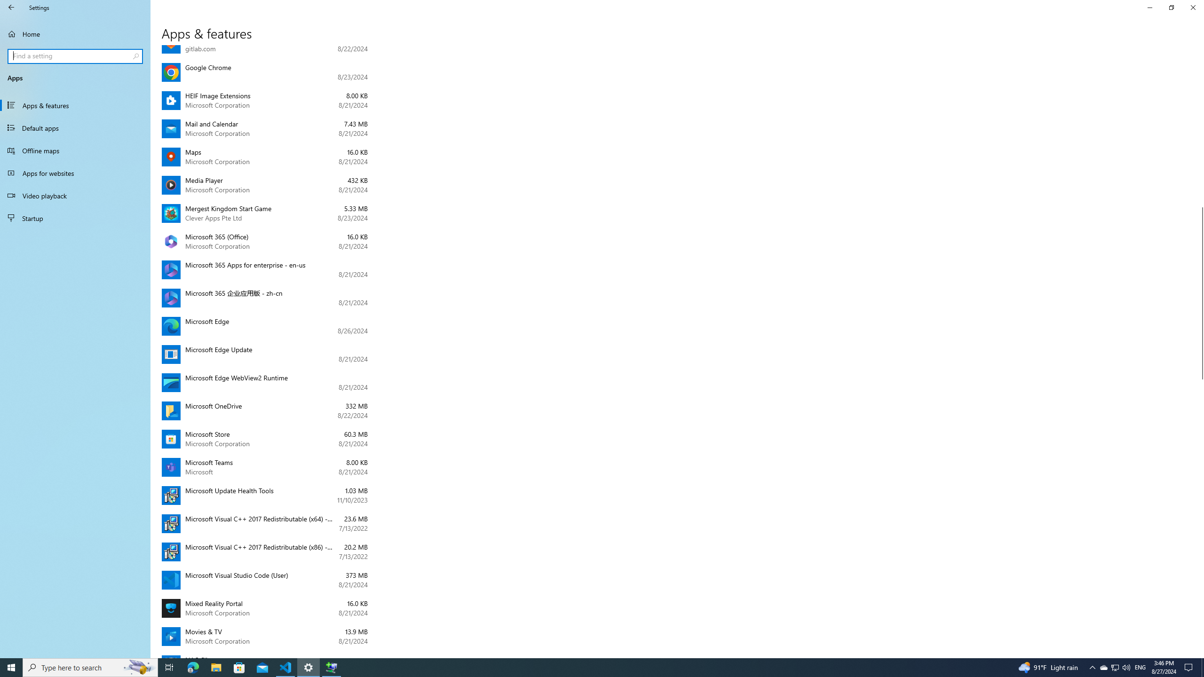 This screenshot has height=677, width=1204. Describe the element at coordinates (1200, 351) in the screenshot. I see `'Vertical'` at that location.